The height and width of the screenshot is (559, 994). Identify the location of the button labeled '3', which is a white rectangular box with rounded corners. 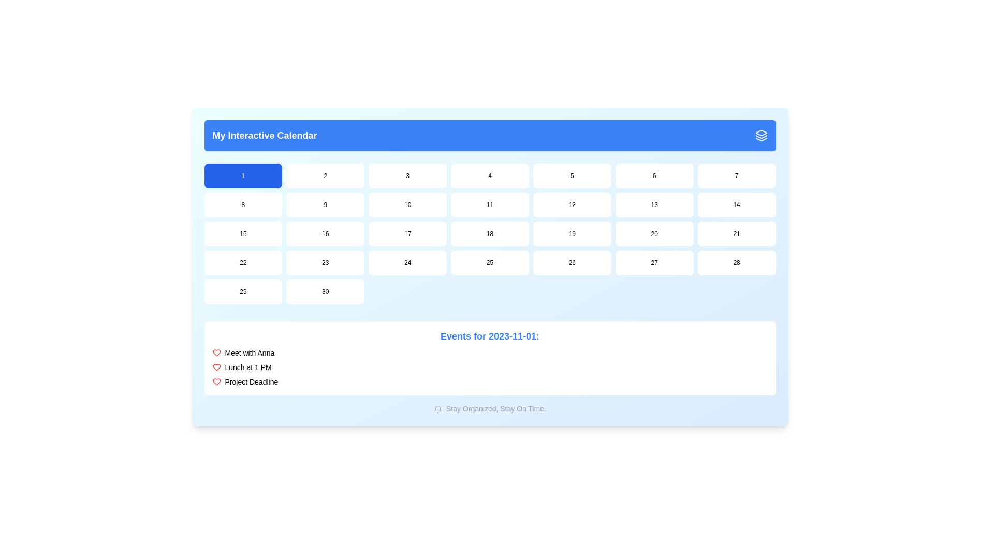
(407, 175).